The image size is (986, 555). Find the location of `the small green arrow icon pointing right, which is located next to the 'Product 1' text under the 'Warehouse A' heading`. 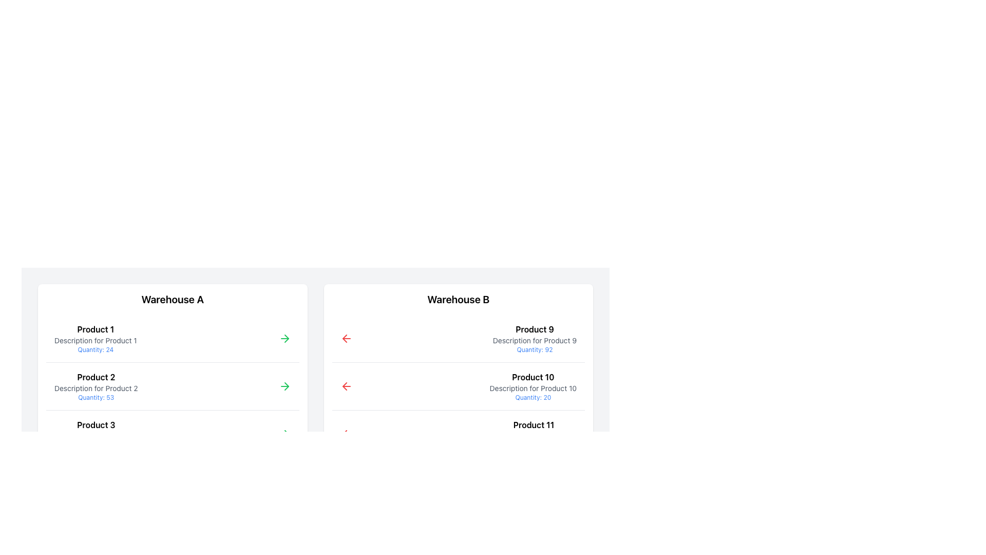

the small green arrow icon pointing right, which is located next to the 'Product 1' text under the 'Warehouse A' heading is located at coordinates (286, 339).